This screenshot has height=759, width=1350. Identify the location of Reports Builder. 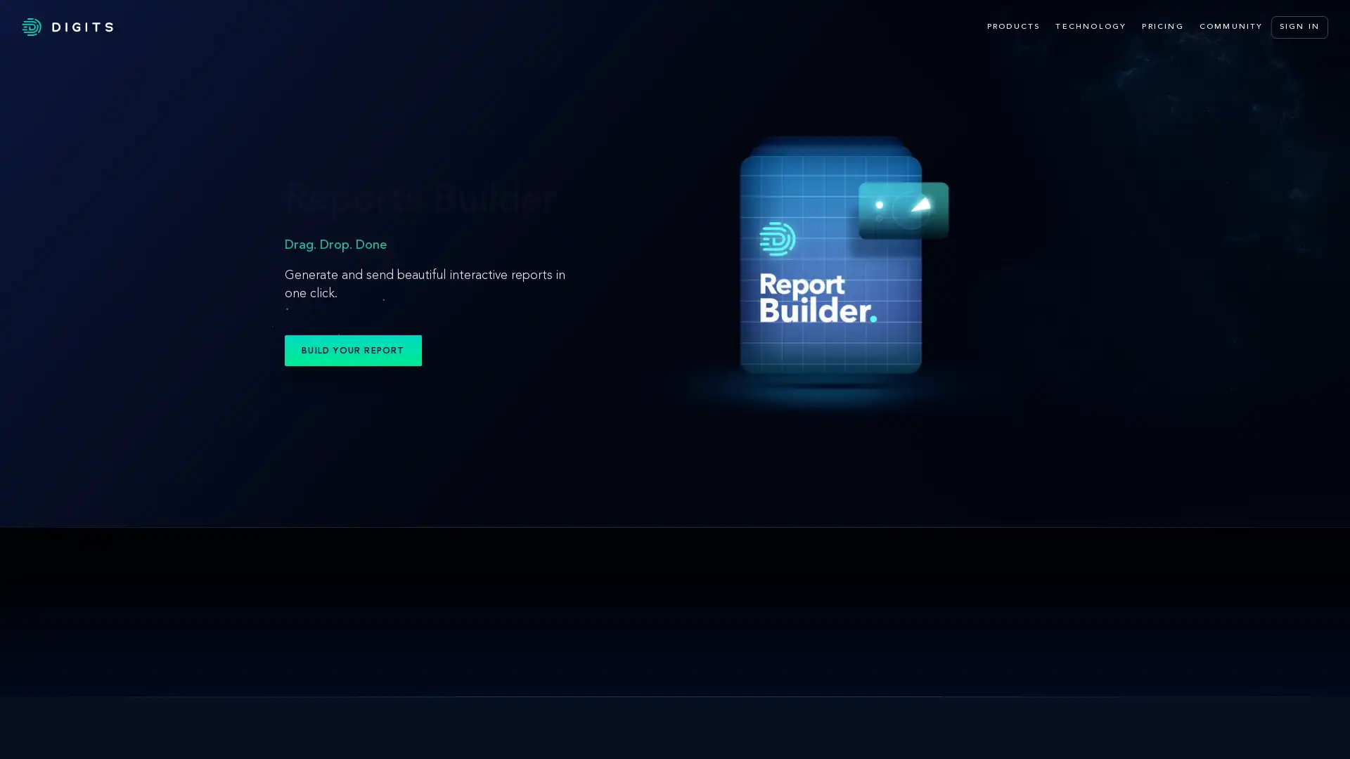
(337, 438).